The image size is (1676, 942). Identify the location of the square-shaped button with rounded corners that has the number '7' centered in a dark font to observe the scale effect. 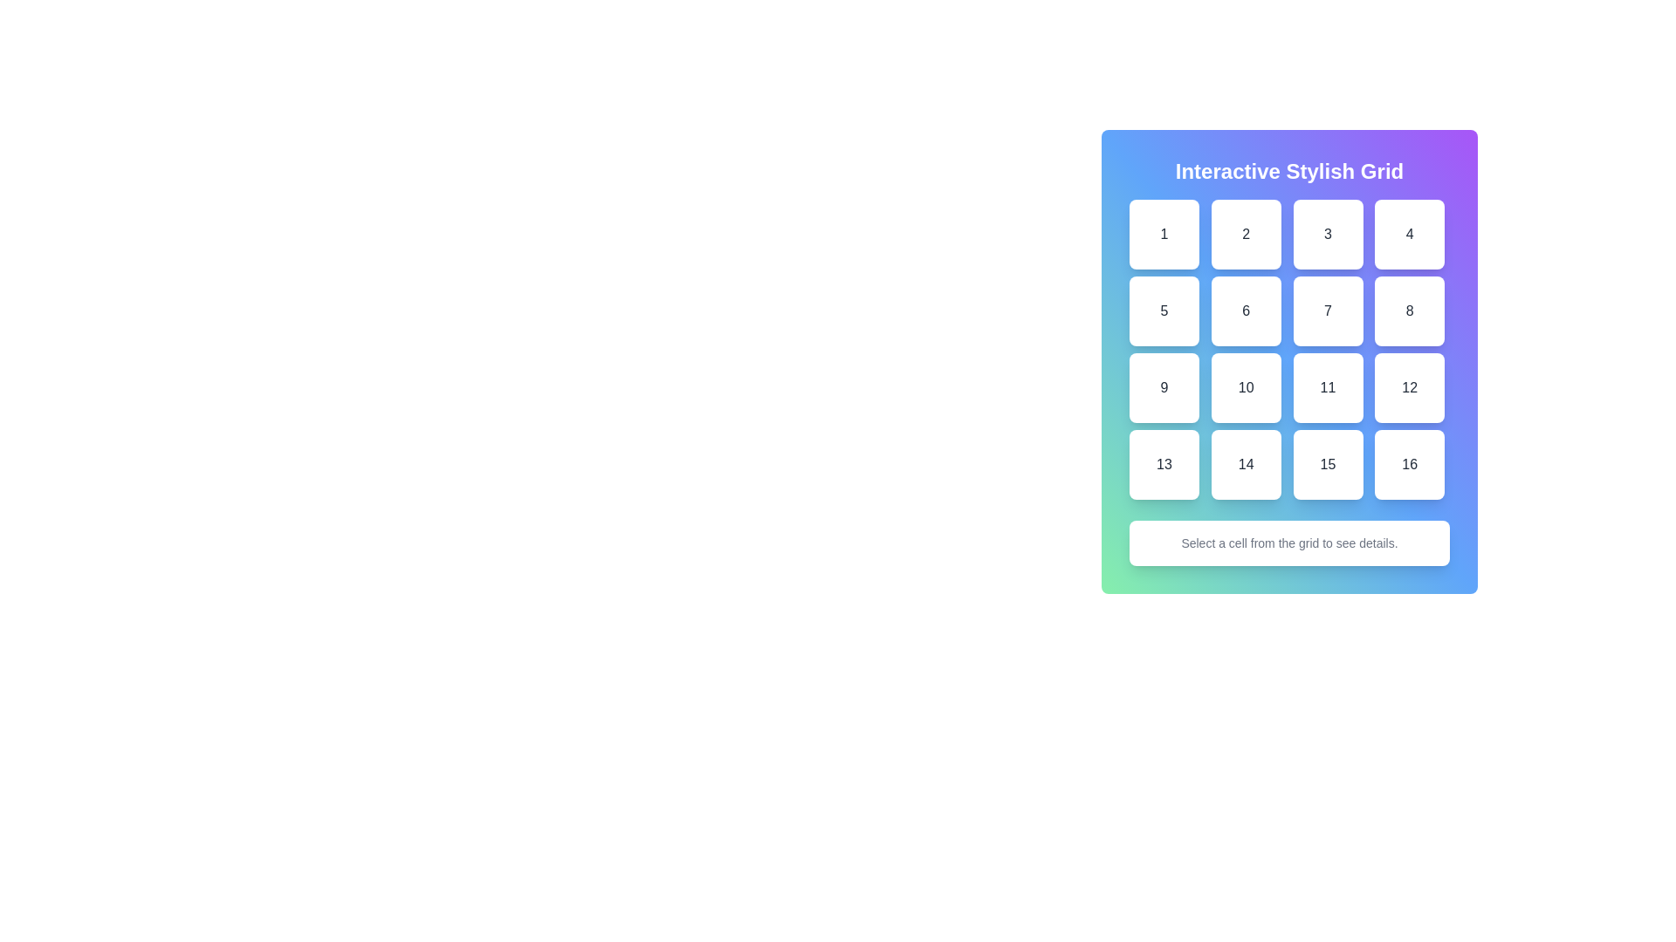
(1327, 311).